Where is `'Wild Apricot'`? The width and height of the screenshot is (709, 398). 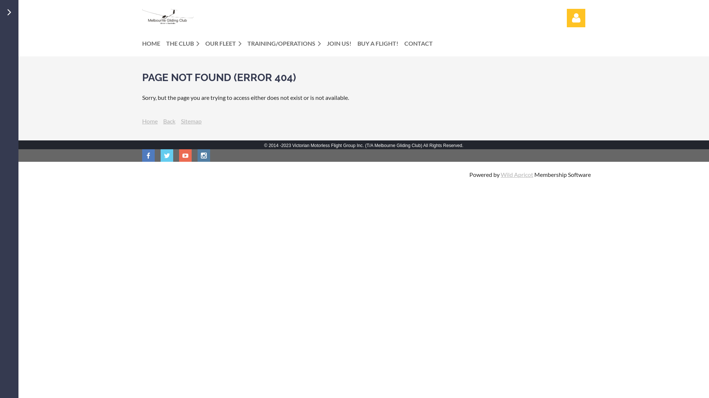
'Wild Apricot' is located at coordinates (501, 174).